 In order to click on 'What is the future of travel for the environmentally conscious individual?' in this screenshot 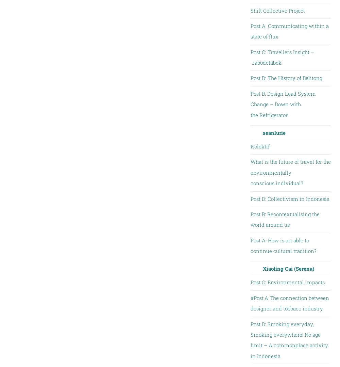, I will do `click(290, 172)`.